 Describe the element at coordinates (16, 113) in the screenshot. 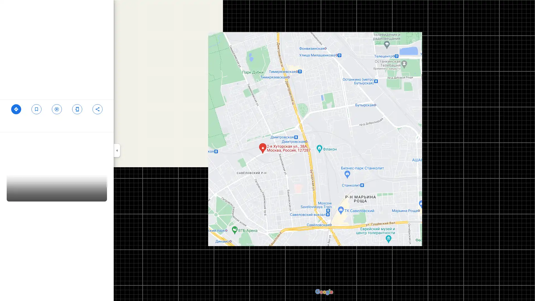

I see `(2-  ., 38)` at that location.